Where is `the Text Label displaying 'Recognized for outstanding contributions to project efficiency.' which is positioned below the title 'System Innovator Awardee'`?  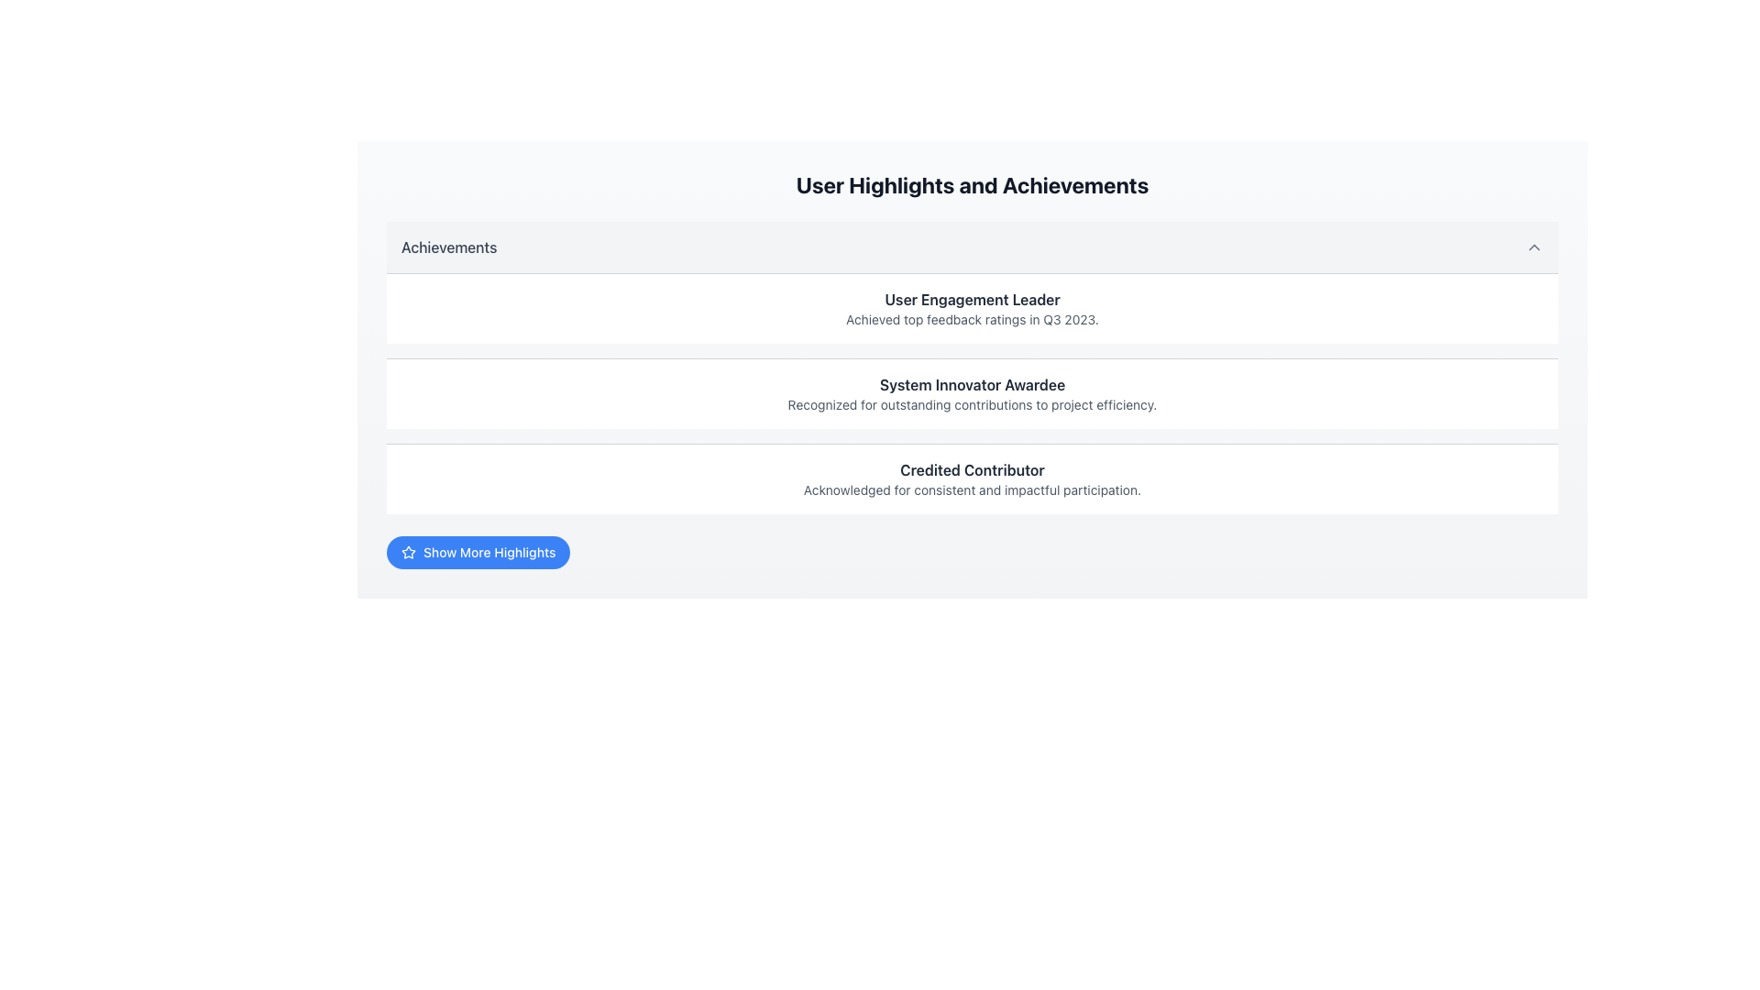
the Text Label displaying 'Recognized for outstanding contributions to project efficiency.' which is positioned below the title 'System Innovator Awardee' is located at coordinates (971, 404).